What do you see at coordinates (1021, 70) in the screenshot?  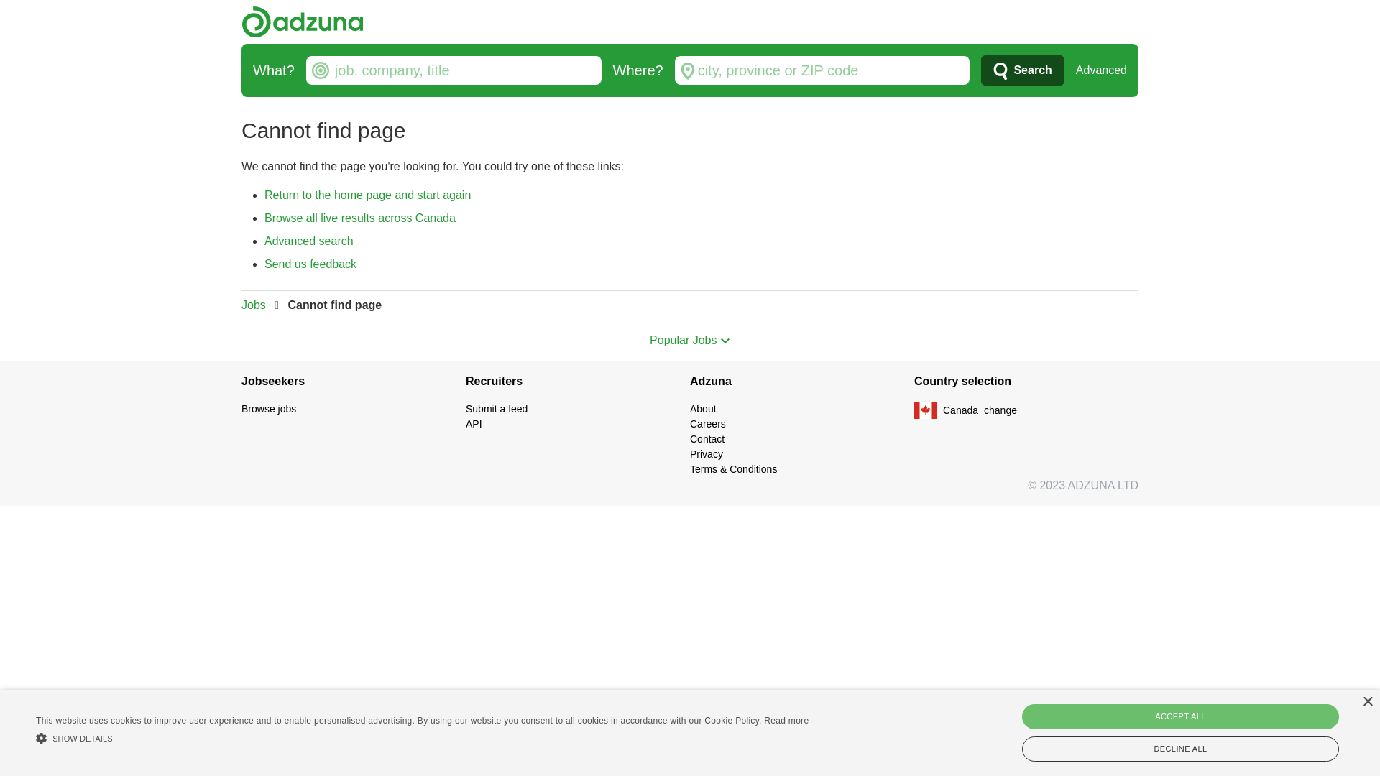 I see `'Search'` at bounding box center [1021, 70].